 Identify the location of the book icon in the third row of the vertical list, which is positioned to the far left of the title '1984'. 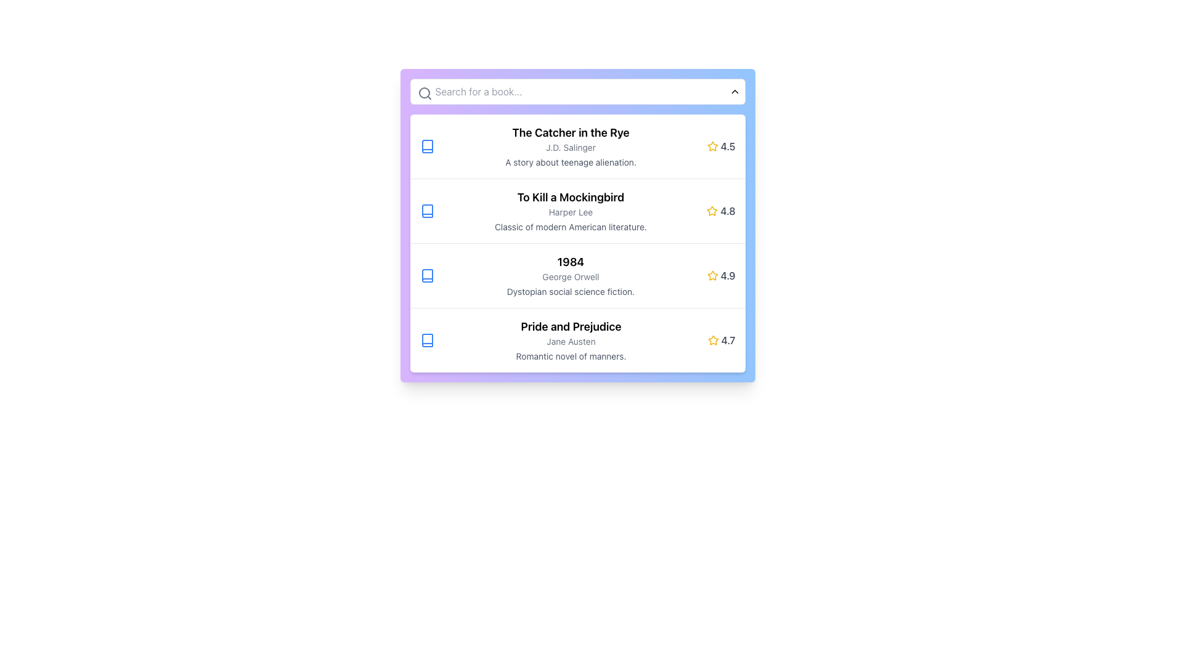
(427, 275).